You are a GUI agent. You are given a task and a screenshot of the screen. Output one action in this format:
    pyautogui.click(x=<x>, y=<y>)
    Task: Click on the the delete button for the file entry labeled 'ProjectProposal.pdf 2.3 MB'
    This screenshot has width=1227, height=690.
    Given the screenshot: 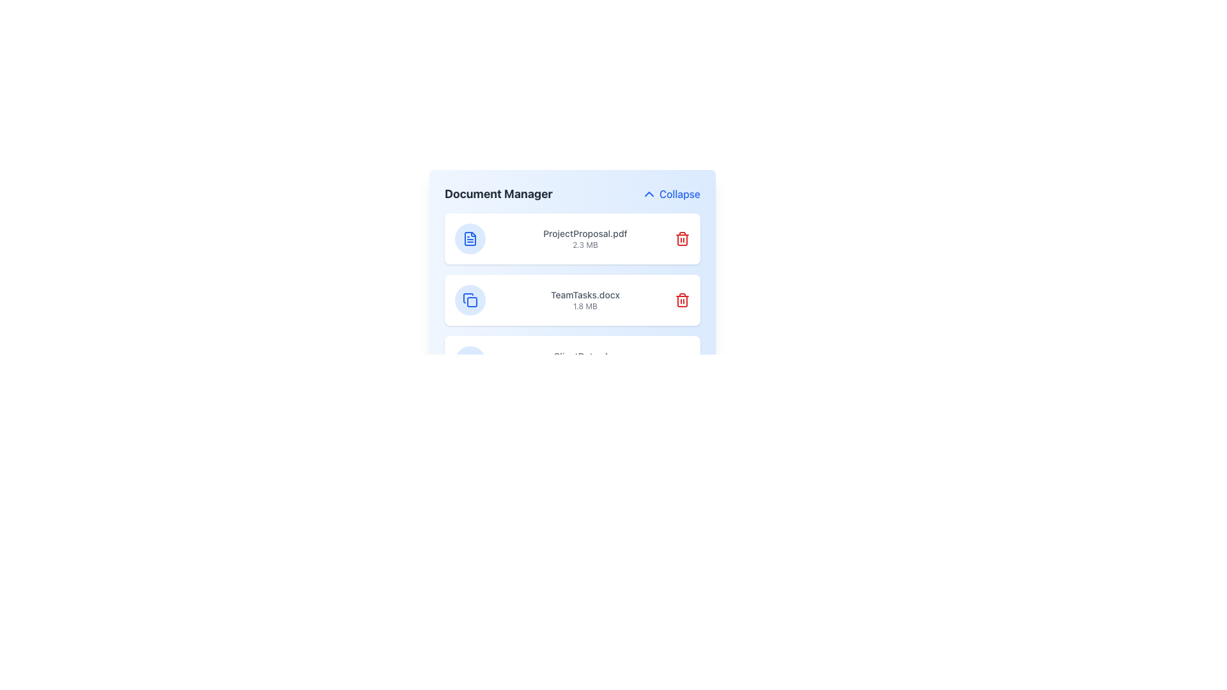 What is the action you would take?
    pyautogui.click(x=682, y=239)
    